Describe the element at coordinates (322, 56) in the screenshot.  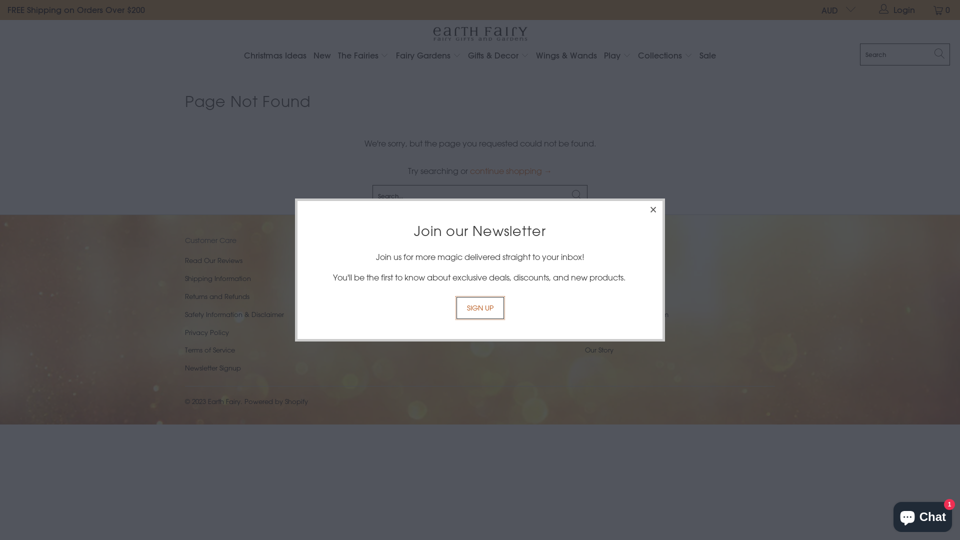
I see `'New'` at that location.